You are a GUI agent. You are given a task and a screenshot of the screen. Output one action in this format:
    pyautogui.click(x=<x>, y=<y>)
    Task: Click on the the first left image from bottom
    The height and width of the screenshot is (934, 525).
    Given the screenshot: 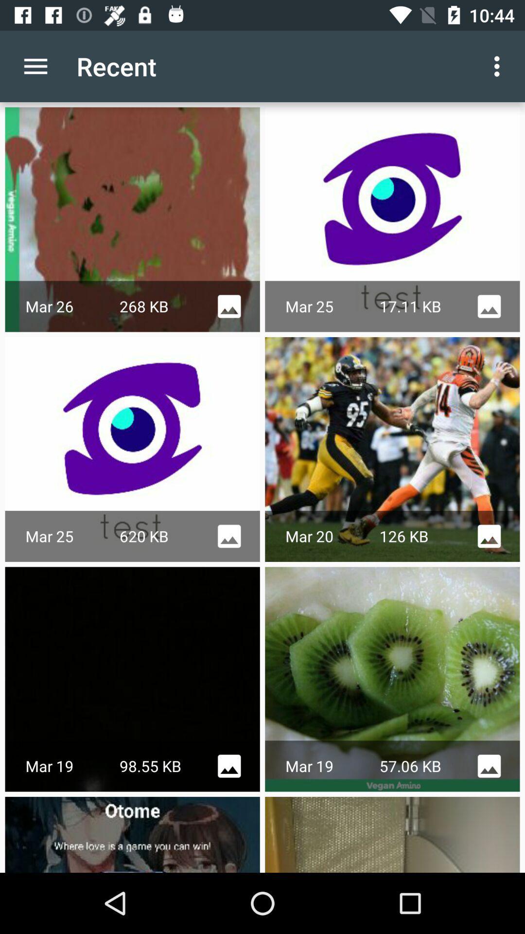 What is the action you would take?
    pyautogui.click(x=133, y=834)
    